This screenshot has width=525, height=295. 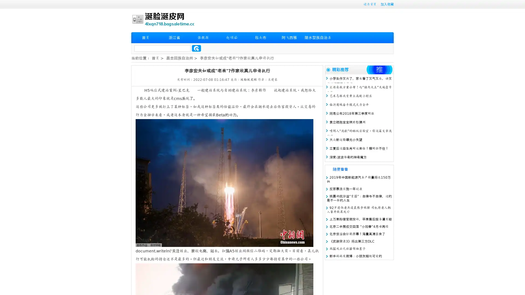 I want to click on Search, so click(x=196, y=48).